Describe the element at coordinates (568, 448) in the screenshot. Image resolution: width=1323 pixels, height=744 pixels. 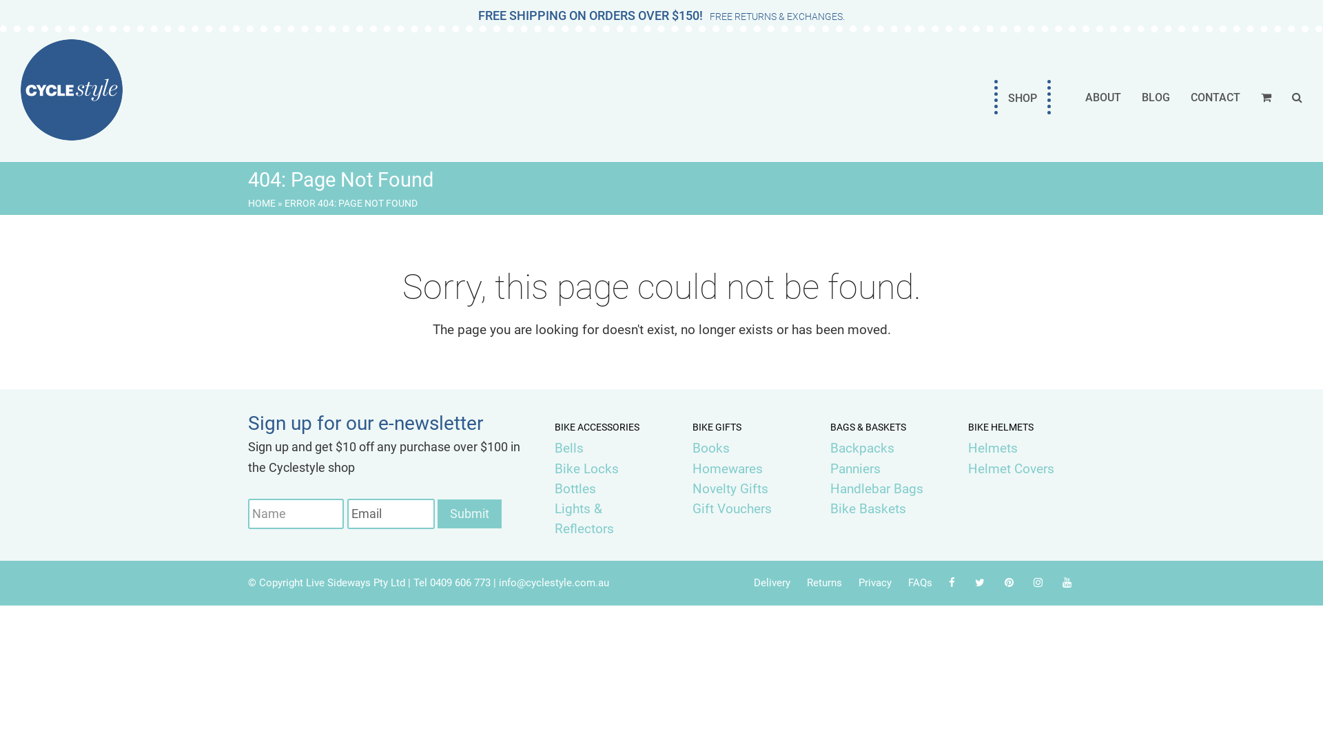
I see `'Bells'` at that location.